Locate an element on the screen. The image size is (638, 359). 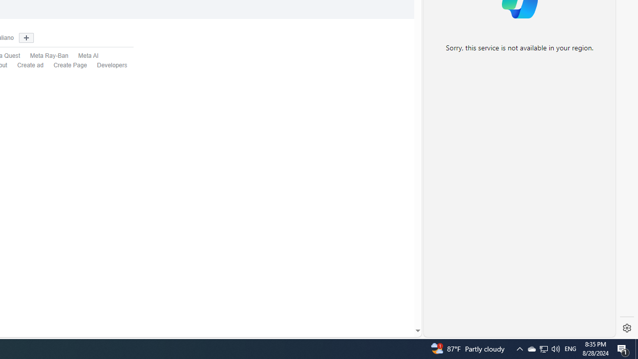
'Show more languages' is located at coordinates (26, 37).